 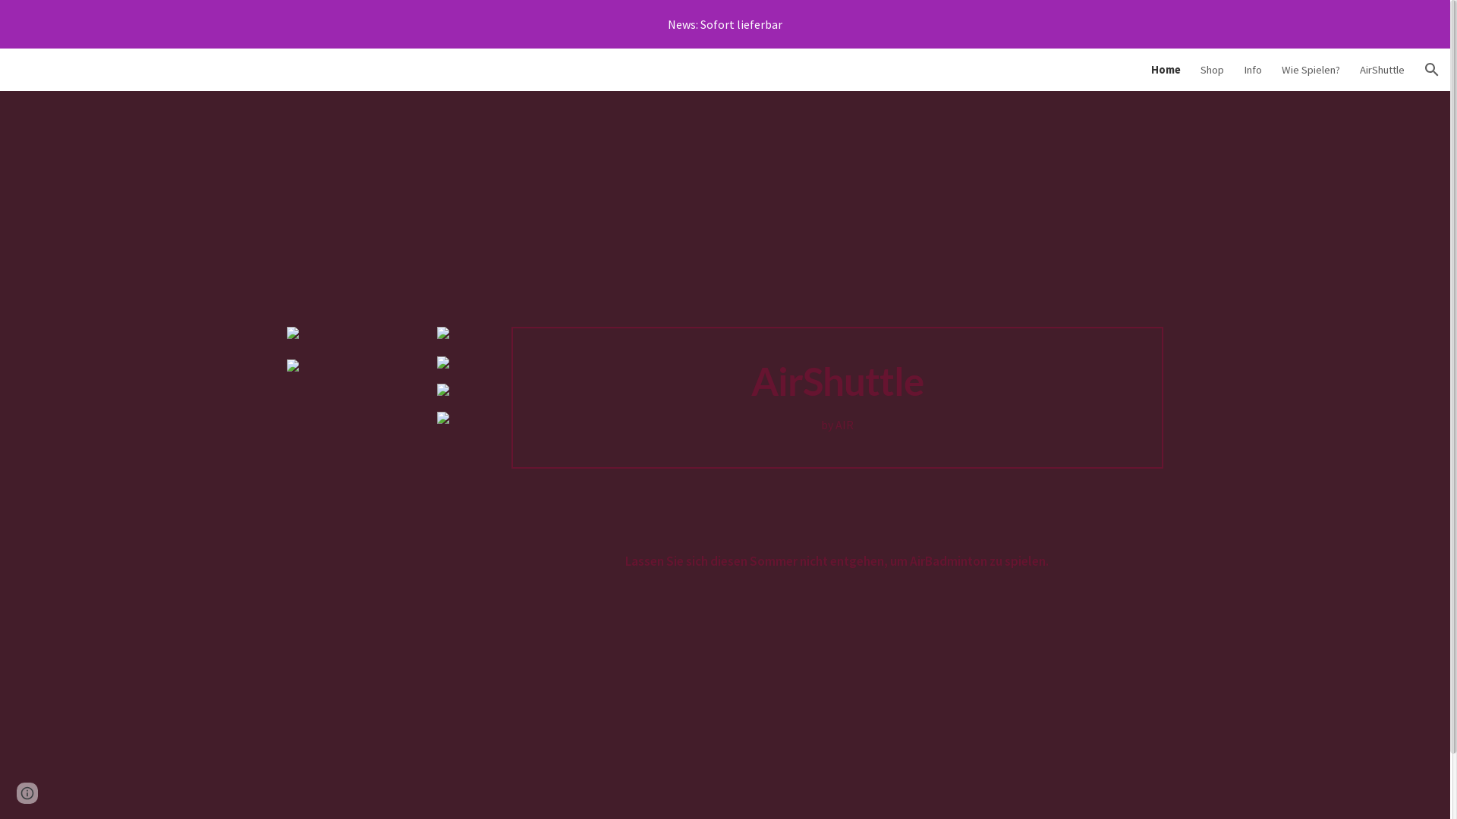 I want to click on 'Home', so click(x=1165, y=70).